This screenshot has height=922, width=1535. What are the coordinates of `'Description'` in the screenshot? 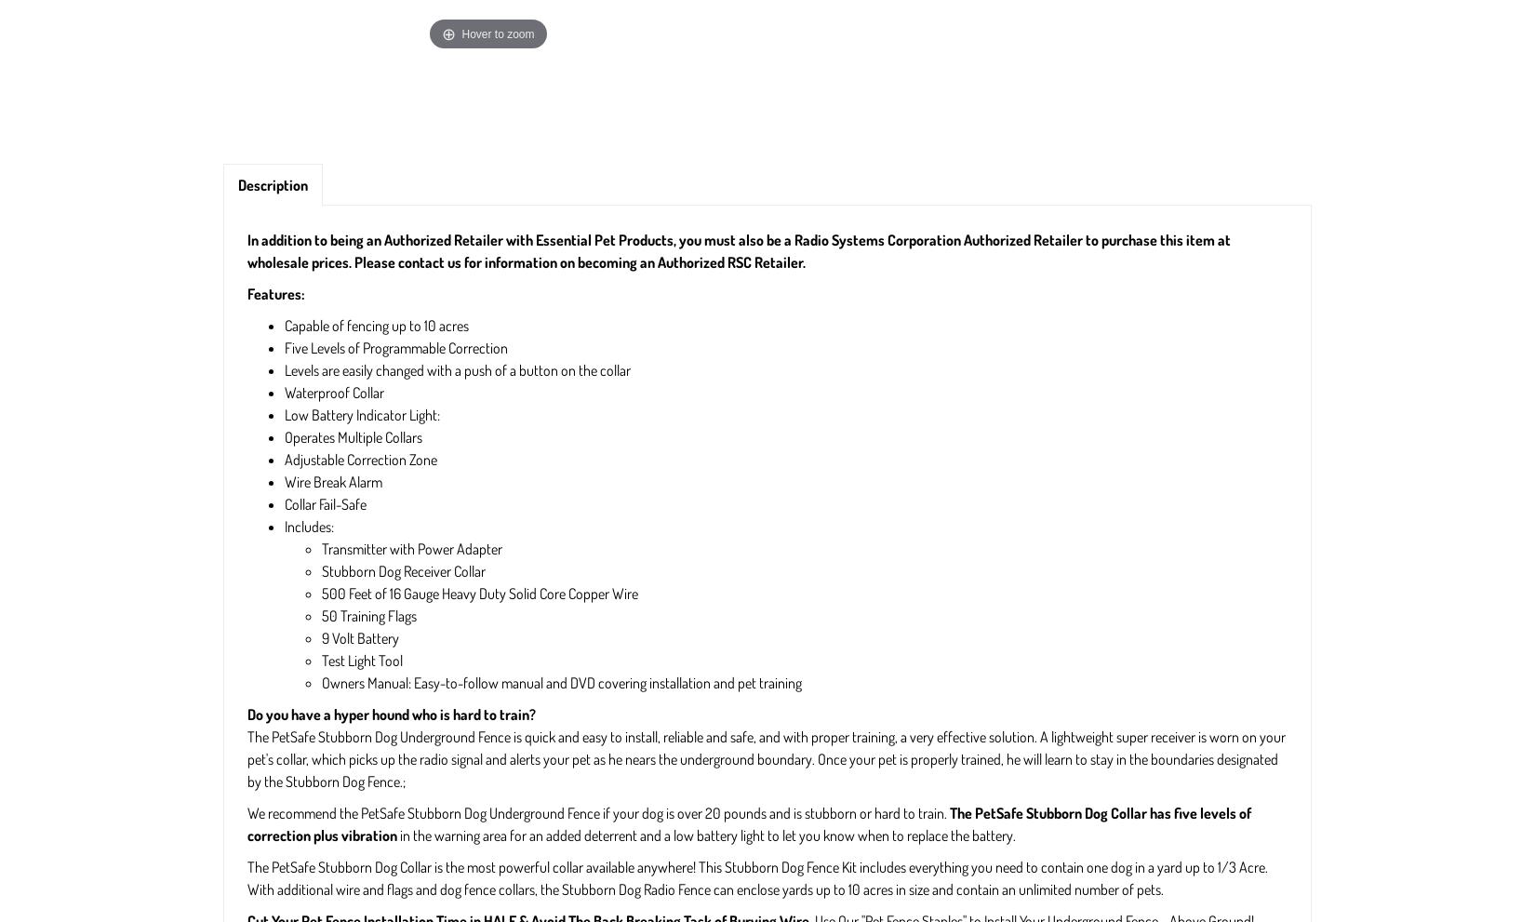 It's located at (273, 183).